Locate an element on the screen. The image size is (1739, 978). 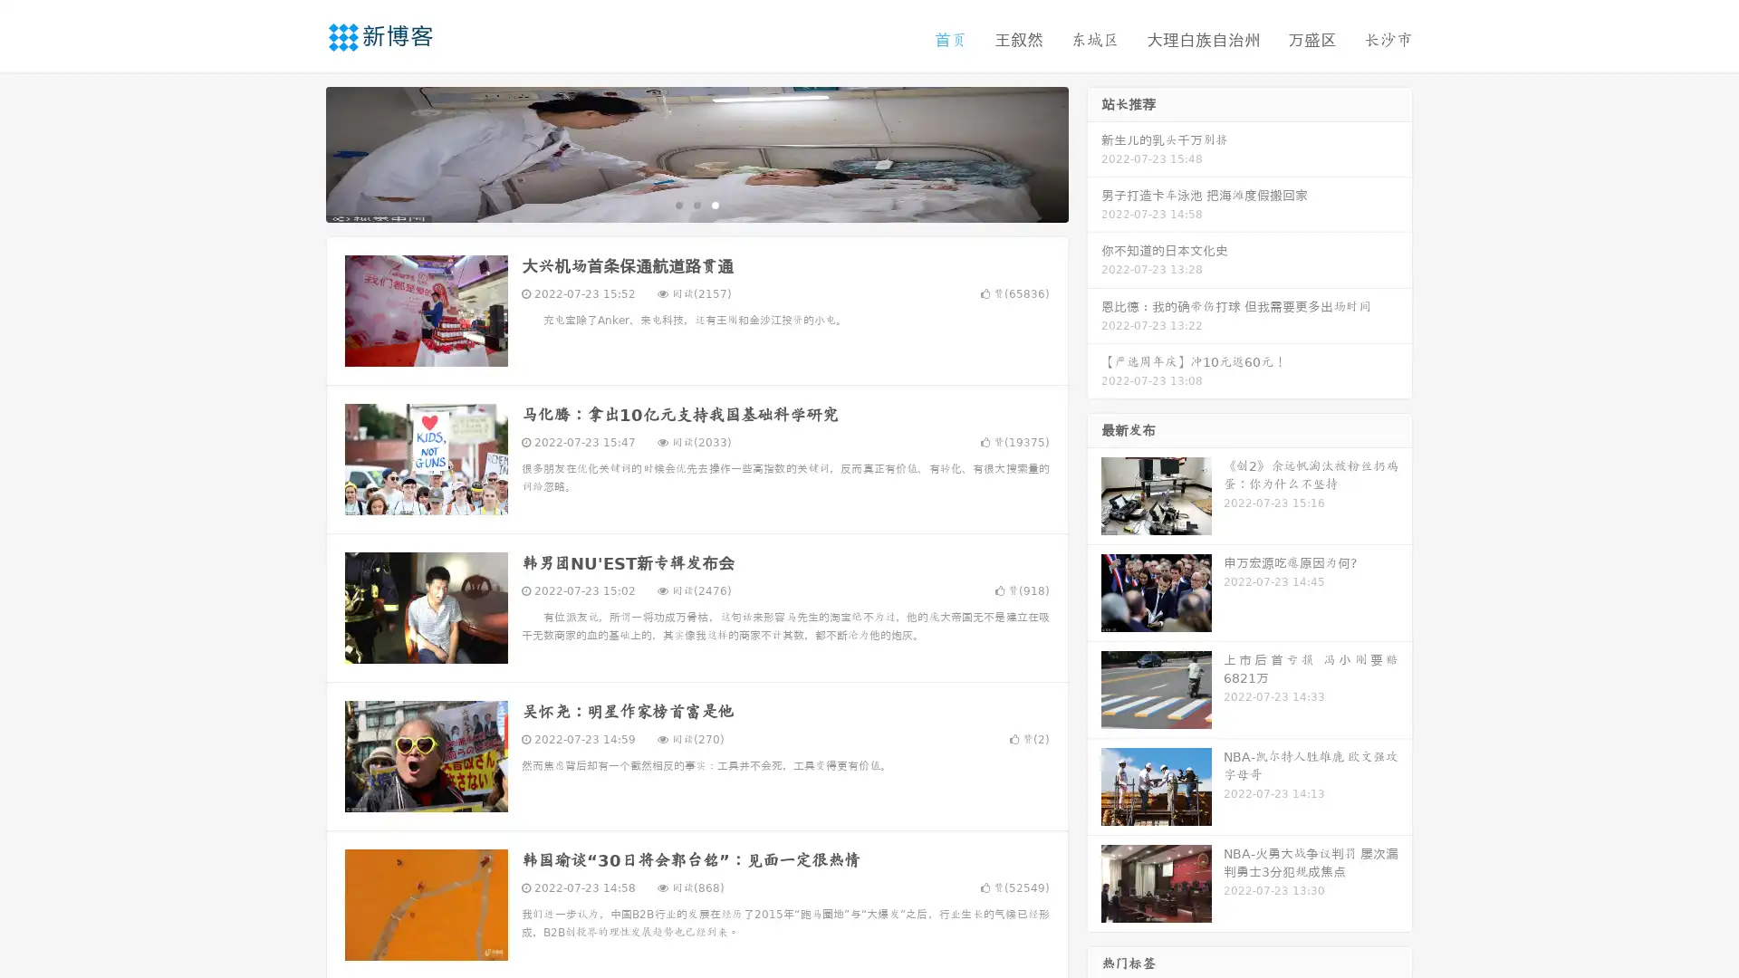
Go to slide 2 is located at coordinates (696, 204).